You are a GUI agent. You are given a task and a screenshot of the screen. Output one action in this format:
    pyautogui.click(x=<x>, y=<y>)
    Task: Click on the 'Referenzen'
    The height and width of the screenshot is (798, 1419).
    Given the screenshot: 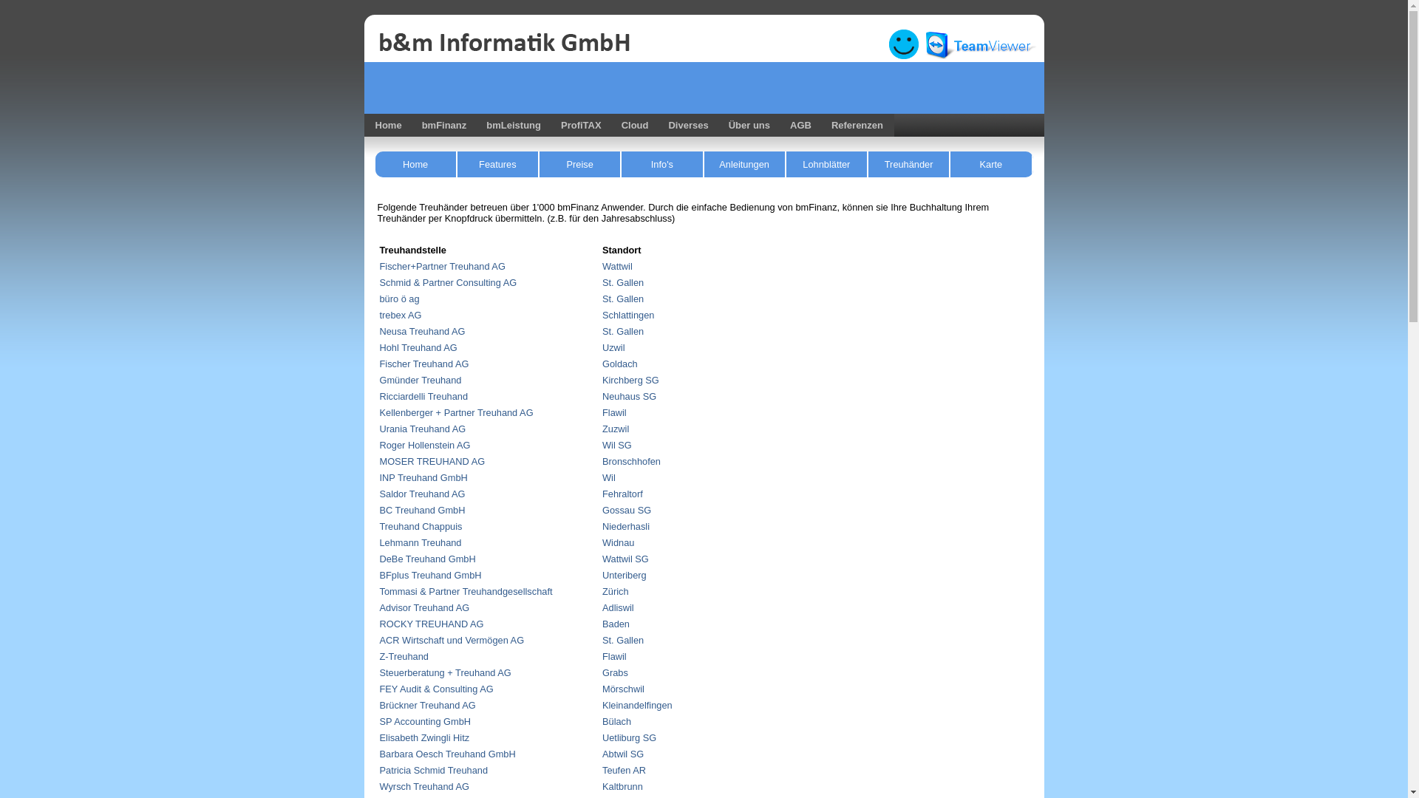 What is the action you would take?
    pyautogui.click(x=819, y=124)
    